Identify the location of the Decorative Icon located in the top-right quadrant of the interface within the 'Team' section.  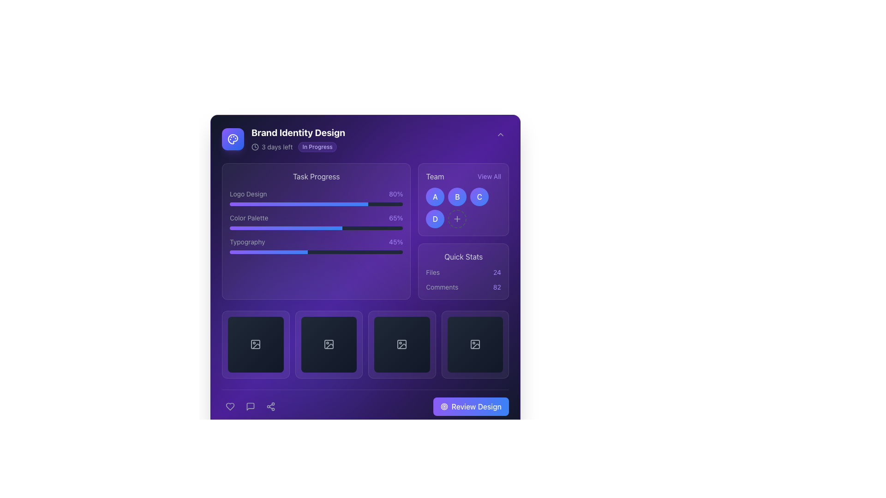
(233, 139).